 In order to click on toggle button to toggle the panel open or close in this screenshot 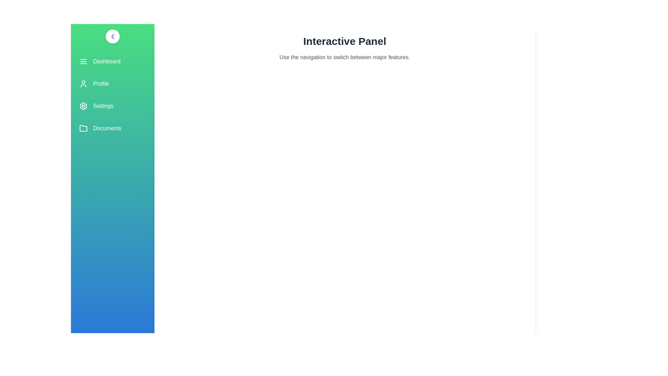, I will do `click(113, 36)`.